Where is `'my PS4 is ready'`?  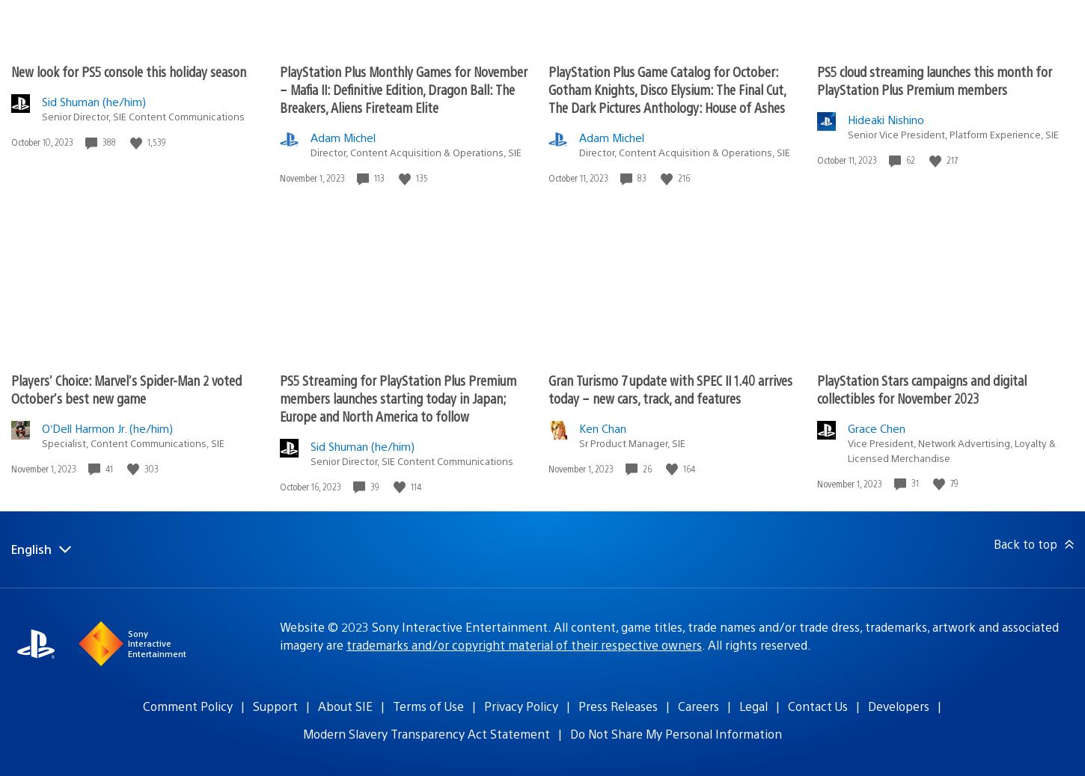
'my PS4 is ready' is located at coordinates (174, 689).